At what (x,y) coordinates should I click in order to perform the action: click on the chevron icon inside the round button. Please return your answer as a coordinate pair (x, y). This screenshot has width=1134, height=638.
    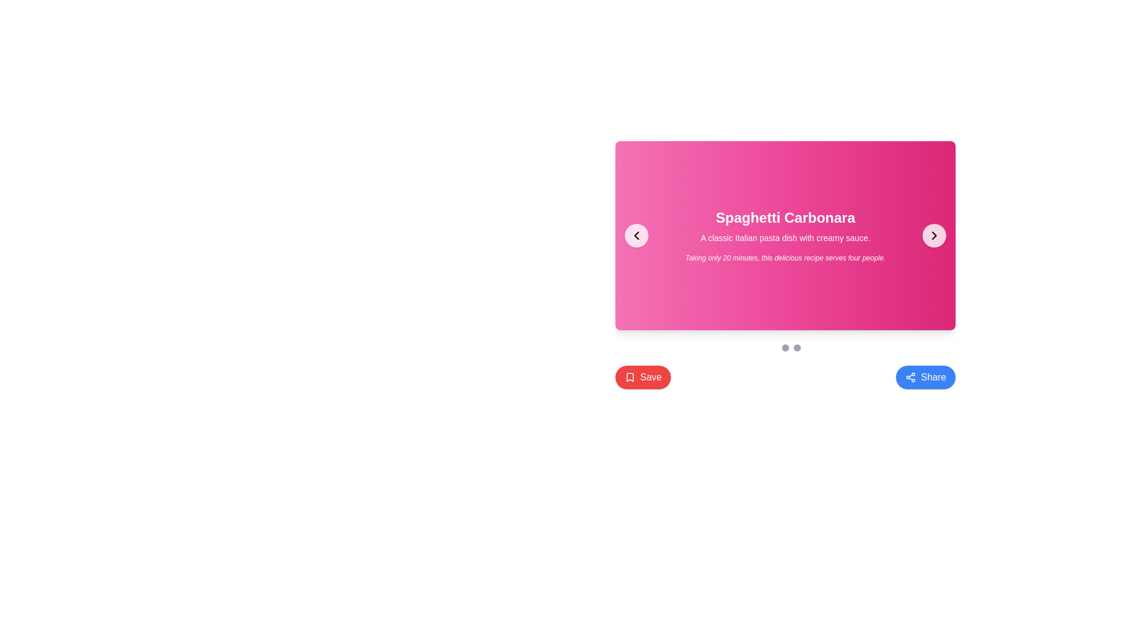
    Looking at the image, I should click on (636, 235).